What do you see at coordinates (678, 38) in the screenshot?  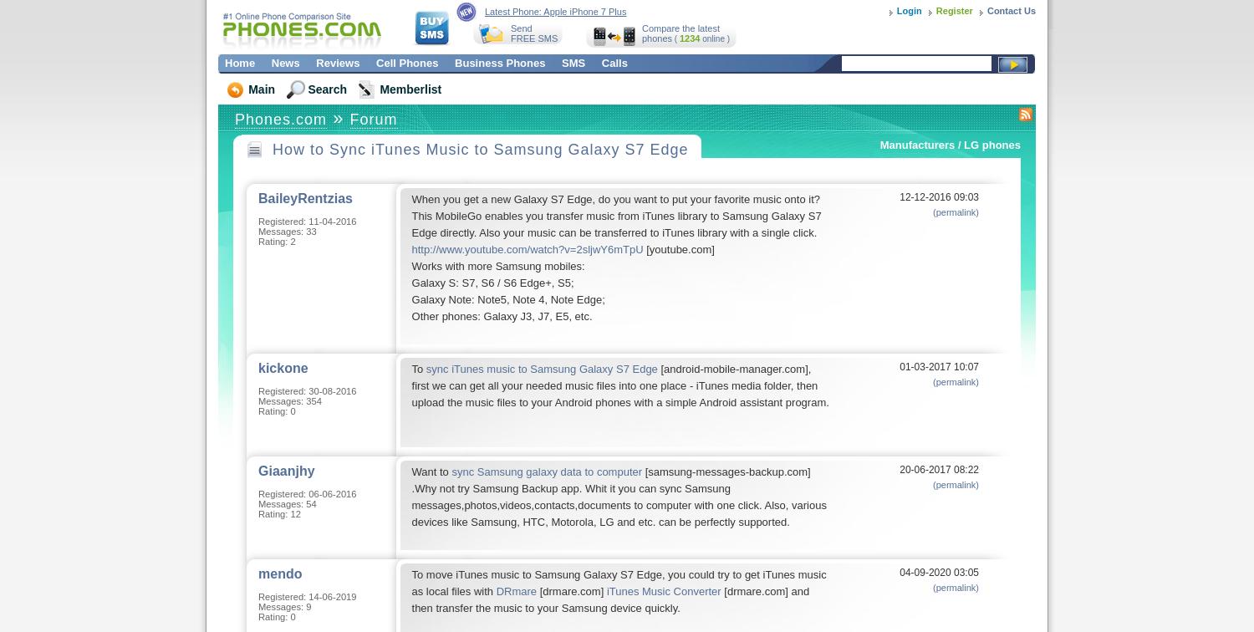 I see `'1234'` at bounding box center [678, 38].